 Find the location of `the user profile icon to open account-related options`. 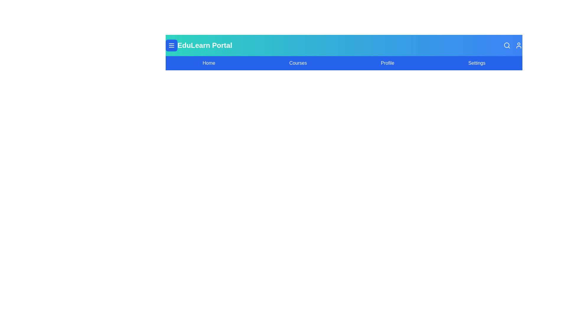

the user profile icon to open account-related options is located at coordinates (518, 45).